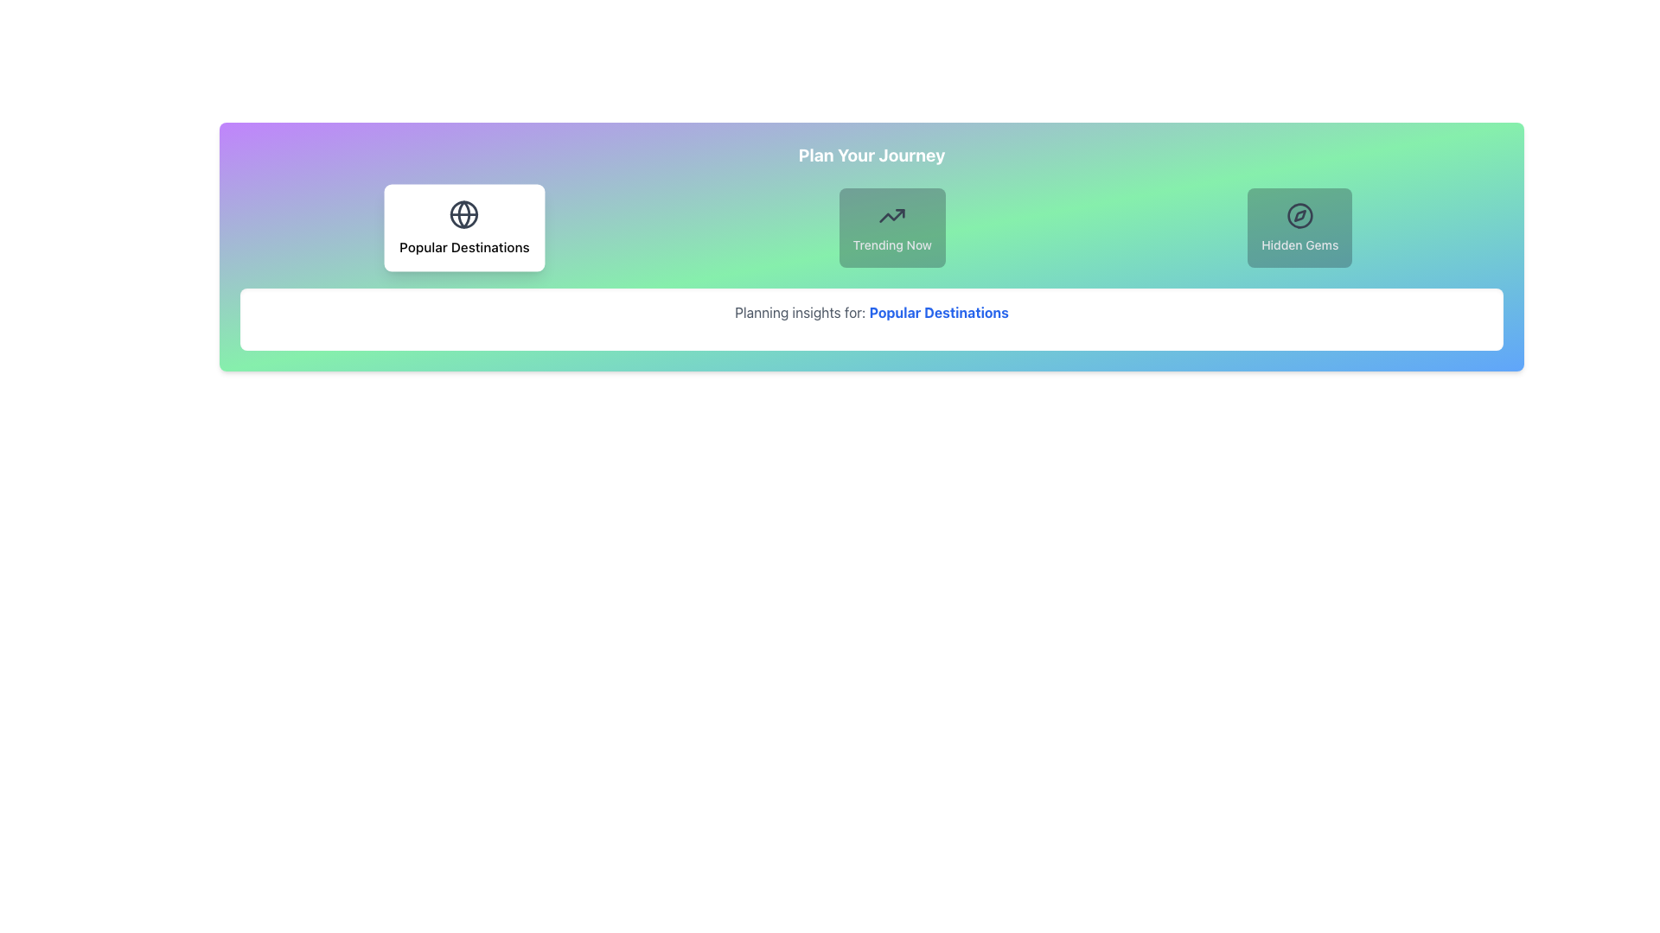 The image size is (1660, 933). Describe the element at coordinates (1299, 245) in the screenshot. I see `the 'Hidden Gems' text label, which is displayed in a small, medium-weight font style and is centered vertically within a rounded rectangle background with a muted green tone` at that location.